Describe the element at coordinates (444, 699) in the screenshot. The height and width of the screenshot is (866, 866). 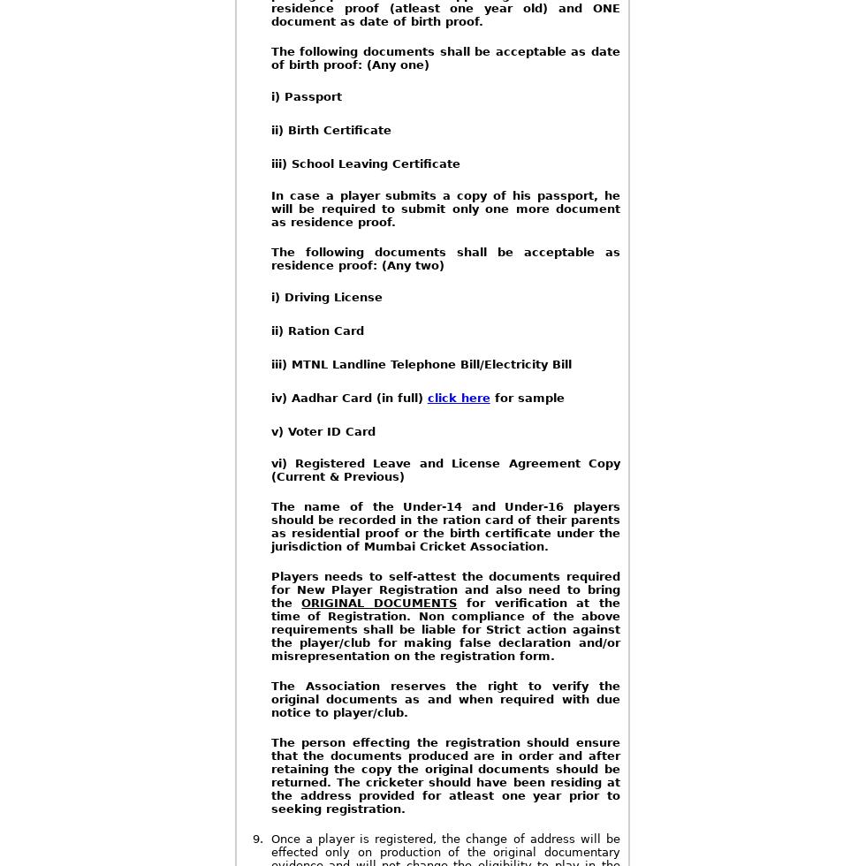
I see `'The Association reserves the right to verify the original documents as and when required with due notice to player/club.'` at that location.